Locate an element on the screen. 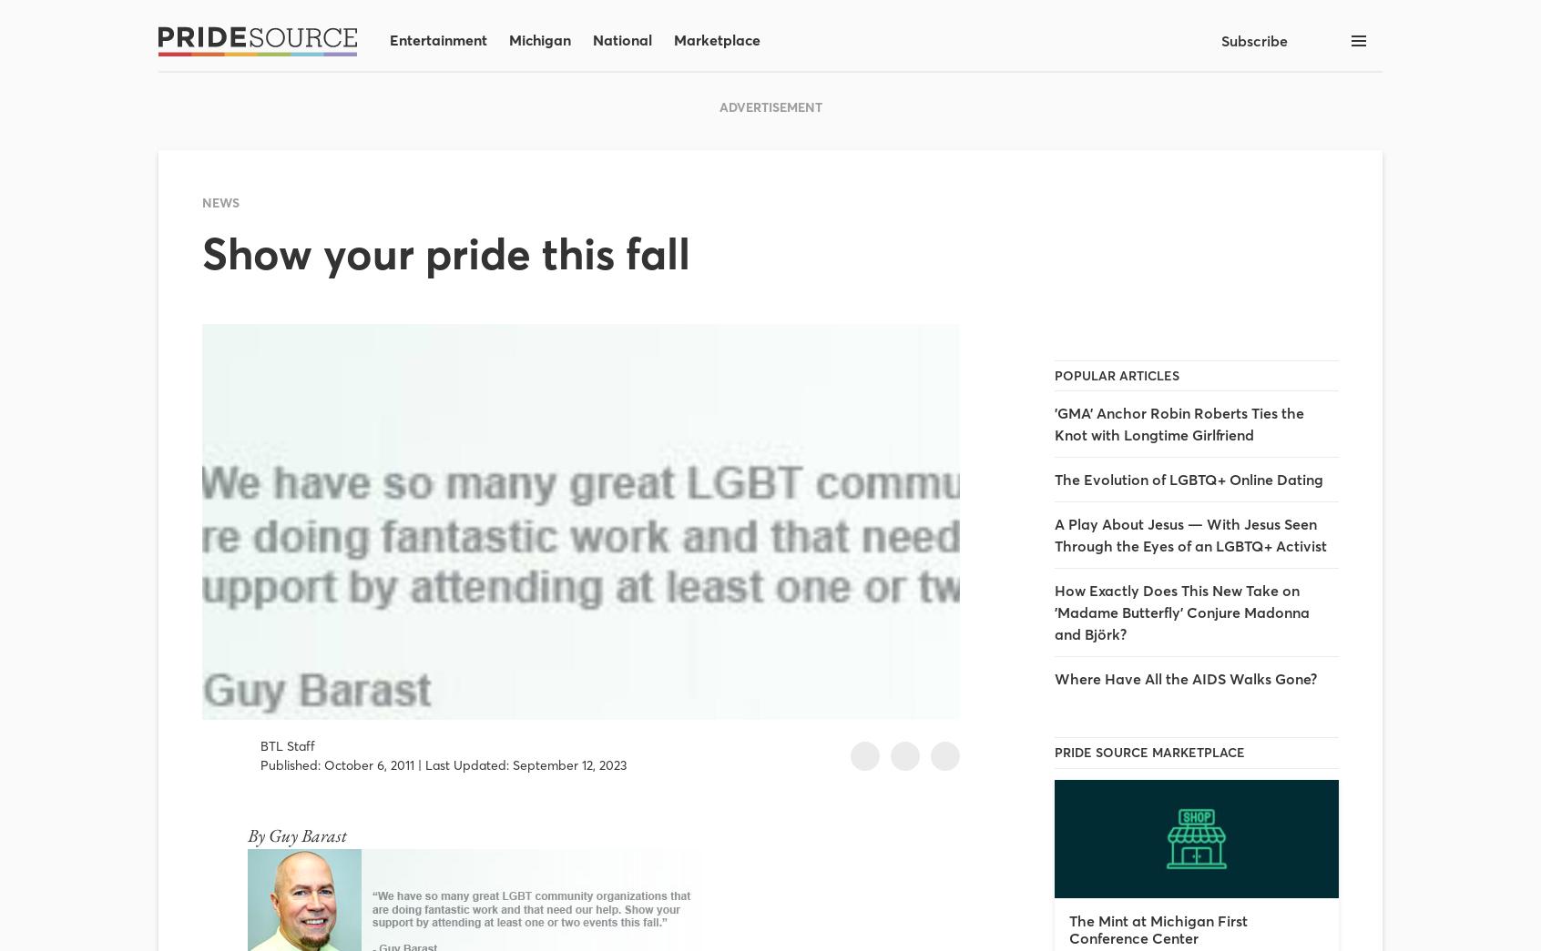  'Watch Halloween-Themed Drag, Plus Other Queer Spooky Season Michigan Events' is located at coordinates (358, 627).